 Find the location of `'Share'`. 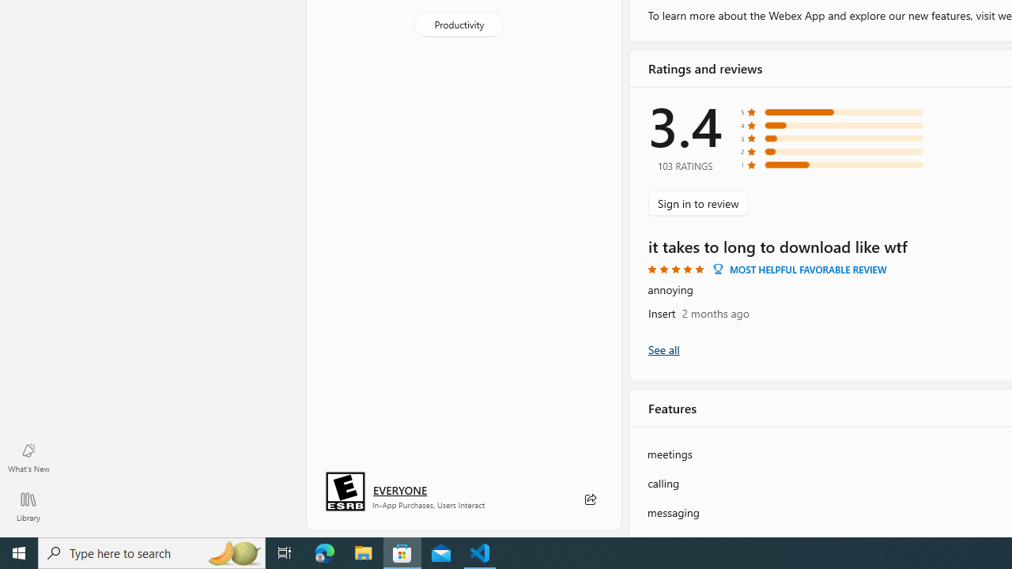

'Share' is located at coordinates (589, 499).